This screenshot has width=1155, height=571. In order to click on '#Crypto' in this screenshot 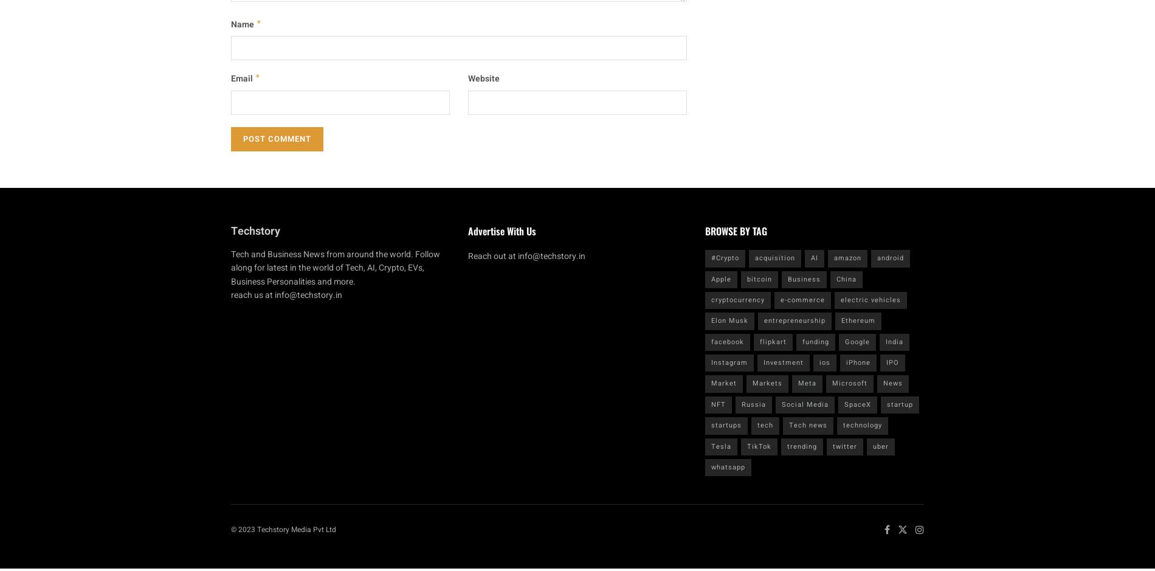, I will do `click(711, 257)`.